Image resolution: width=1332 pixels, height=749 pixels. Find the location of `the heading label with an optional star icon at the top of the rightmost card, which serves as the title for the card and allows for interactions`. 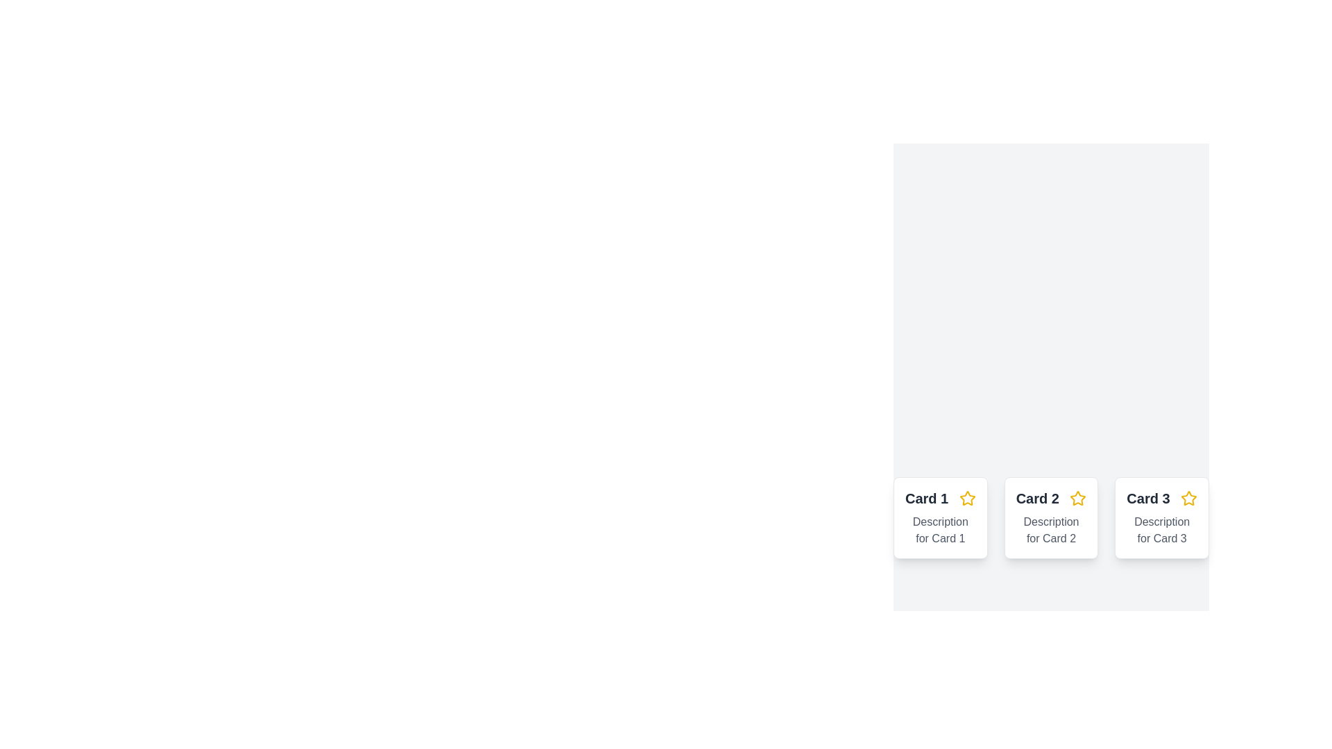

the heading label with an optional star icon at the top of the rightmost card, which serves as the title for the card and allows for interactions is located at coordinates (1162, 497).